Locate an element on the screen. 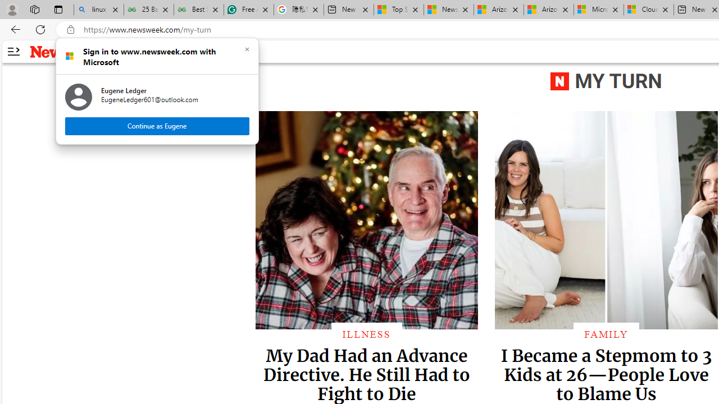  '25 Basic Linux Commands For Beginners - GeeksforGeeks' is located at coordinates (148, 10).